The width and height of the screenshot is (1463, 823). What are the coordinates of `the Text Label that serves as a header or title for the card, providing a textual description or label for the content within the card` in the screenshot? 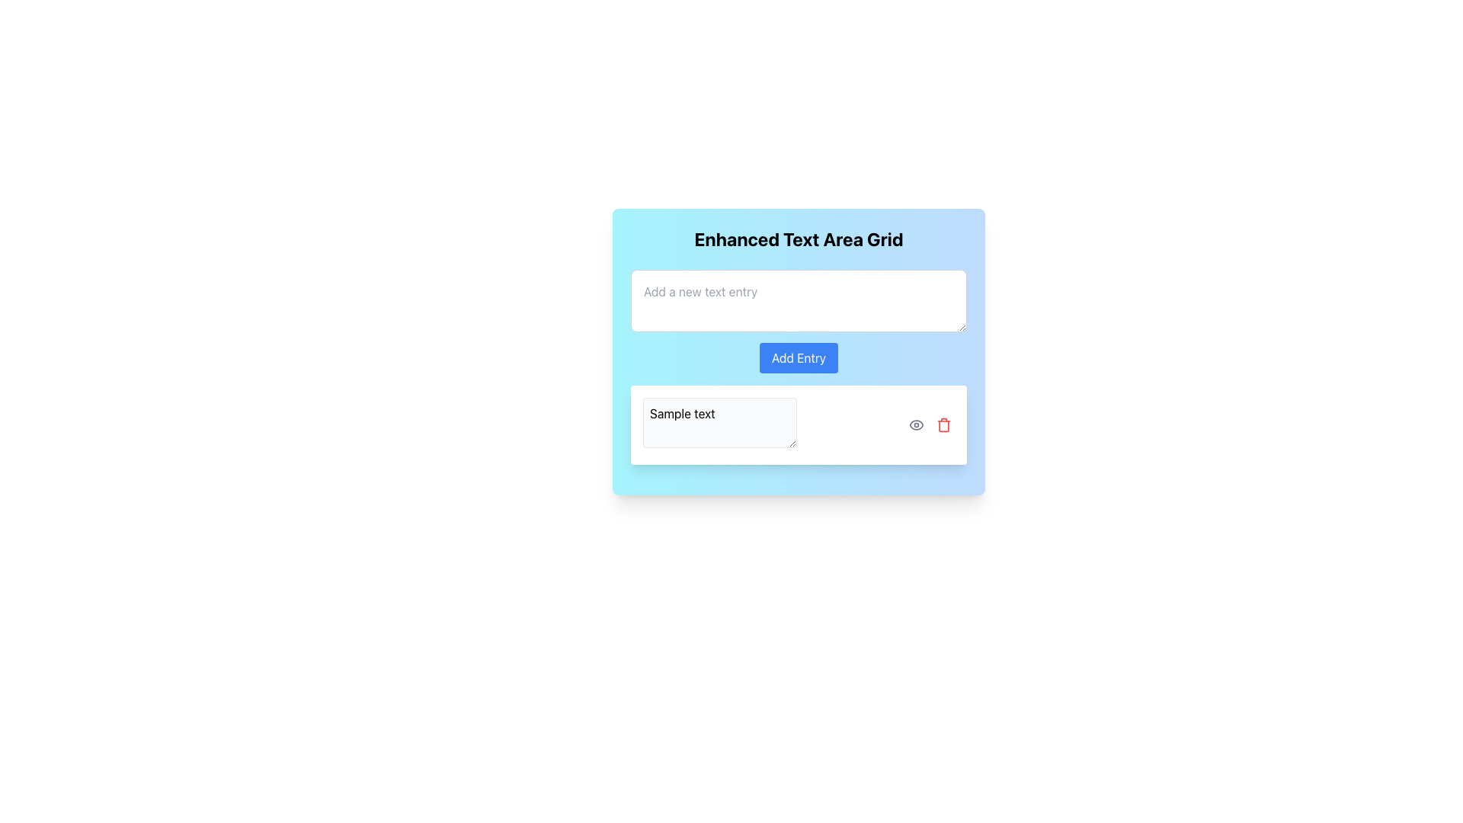 It's located at (798, 239).